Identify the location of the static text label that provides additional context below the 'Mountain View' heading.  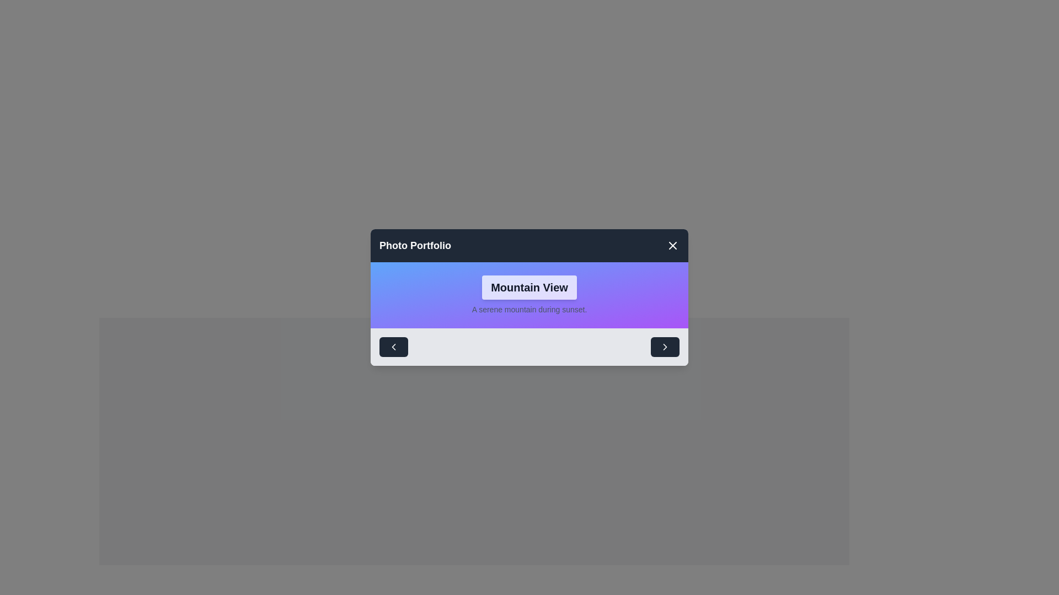
(529, 310).